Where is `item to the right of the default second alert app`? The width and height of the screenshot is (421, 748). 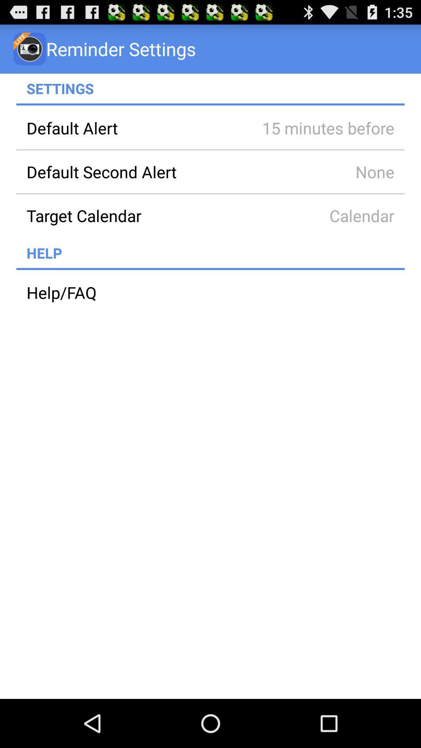
item to the right of the default second alert app is located at coordinates (317, 171).